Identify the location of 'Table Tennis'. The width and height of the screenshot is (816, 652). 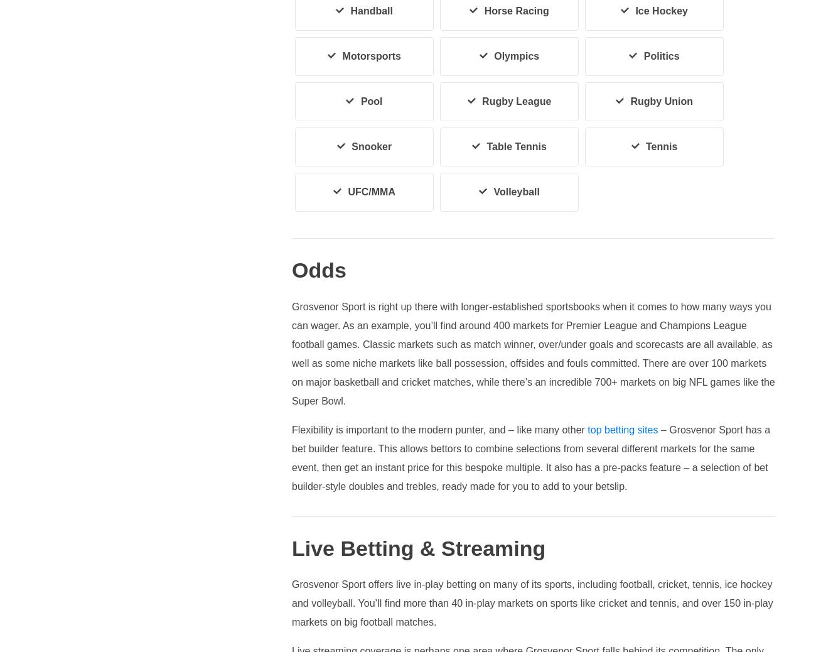
(516, 146).